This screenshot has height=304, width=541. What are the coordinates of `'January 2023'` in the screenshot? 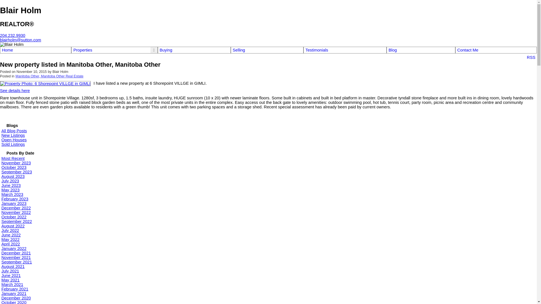 It's located at (14, 203).